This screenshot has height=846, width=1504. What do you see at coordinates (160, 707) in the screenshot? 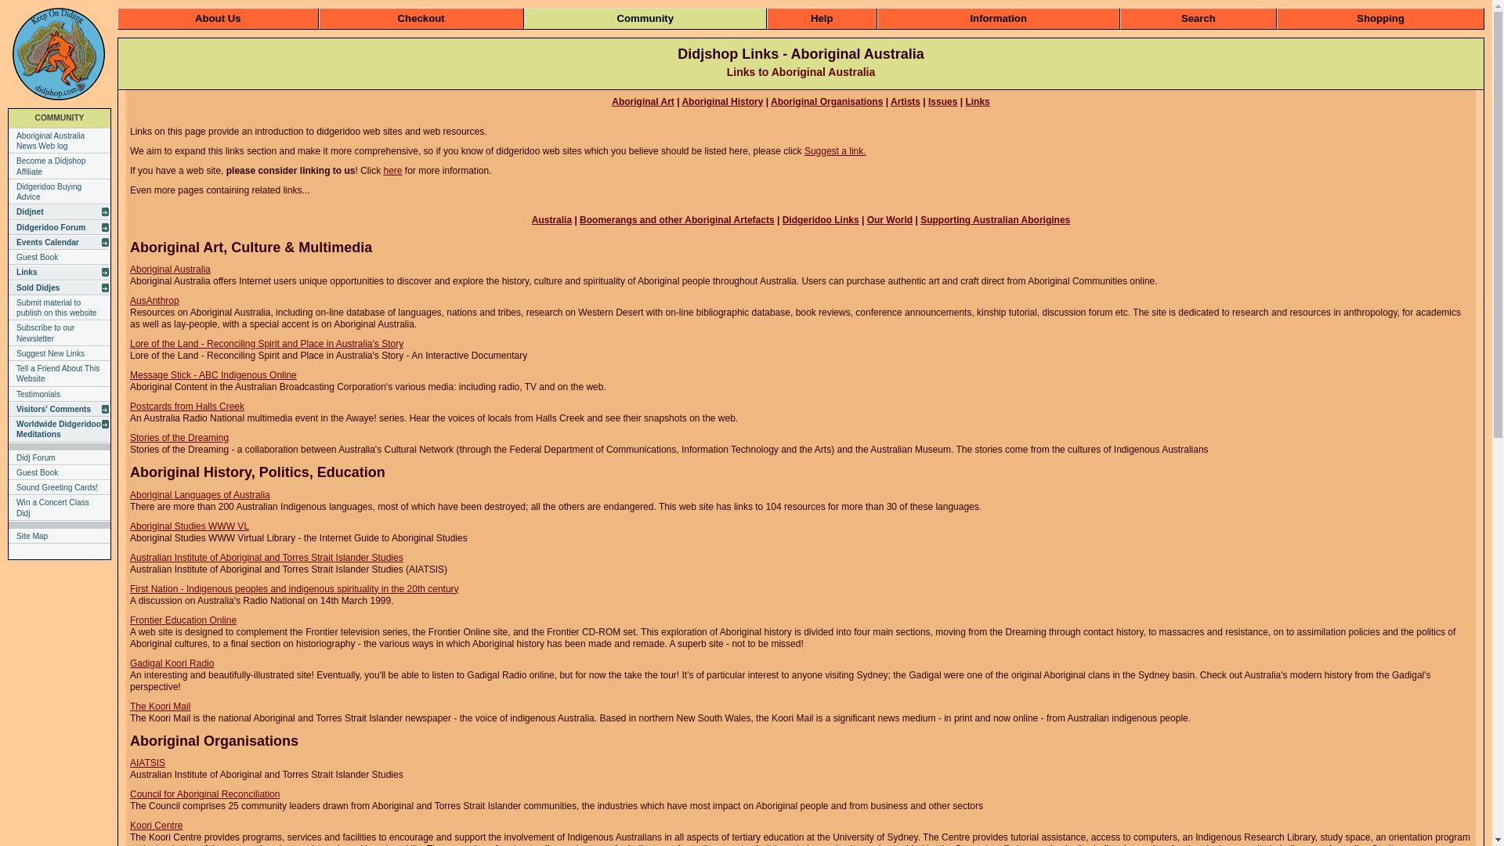
I see `'The Koori Mail'` at bounding box center [160, 707].